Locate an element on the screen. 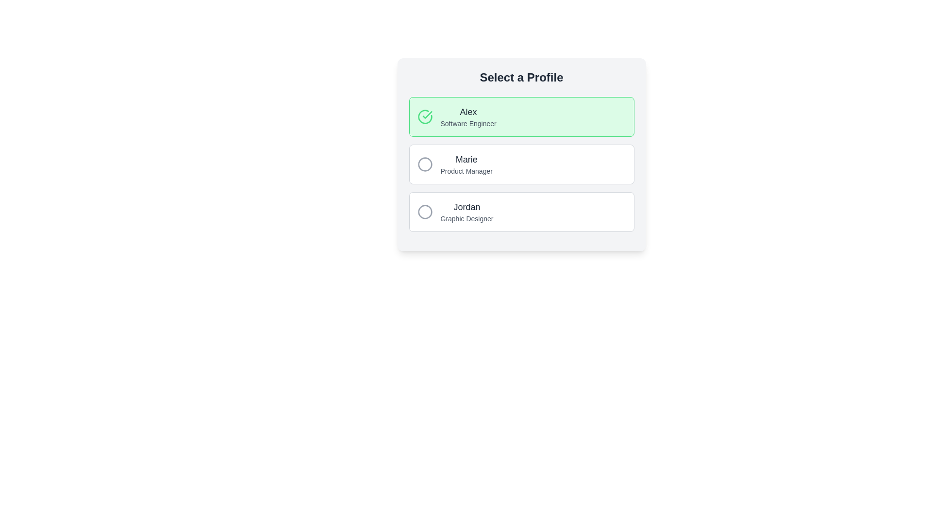 Image resolution: width=932 pixels, height=524 pixels. the Text Label displaying 'Alex' in a large, bold font, which is part of the selected option in the profile selection interface is located at coordinates (468, 112).